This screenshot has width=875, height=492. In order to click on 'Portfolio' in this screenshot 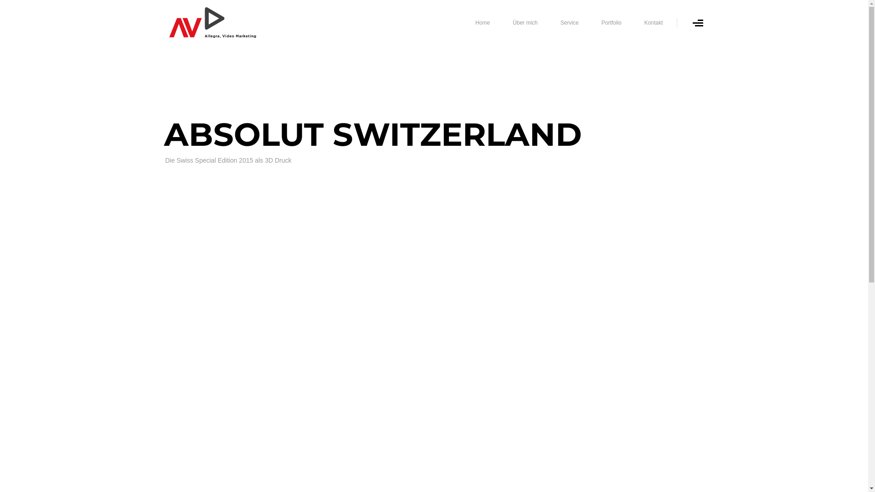, I will do `click(612, 22)`.